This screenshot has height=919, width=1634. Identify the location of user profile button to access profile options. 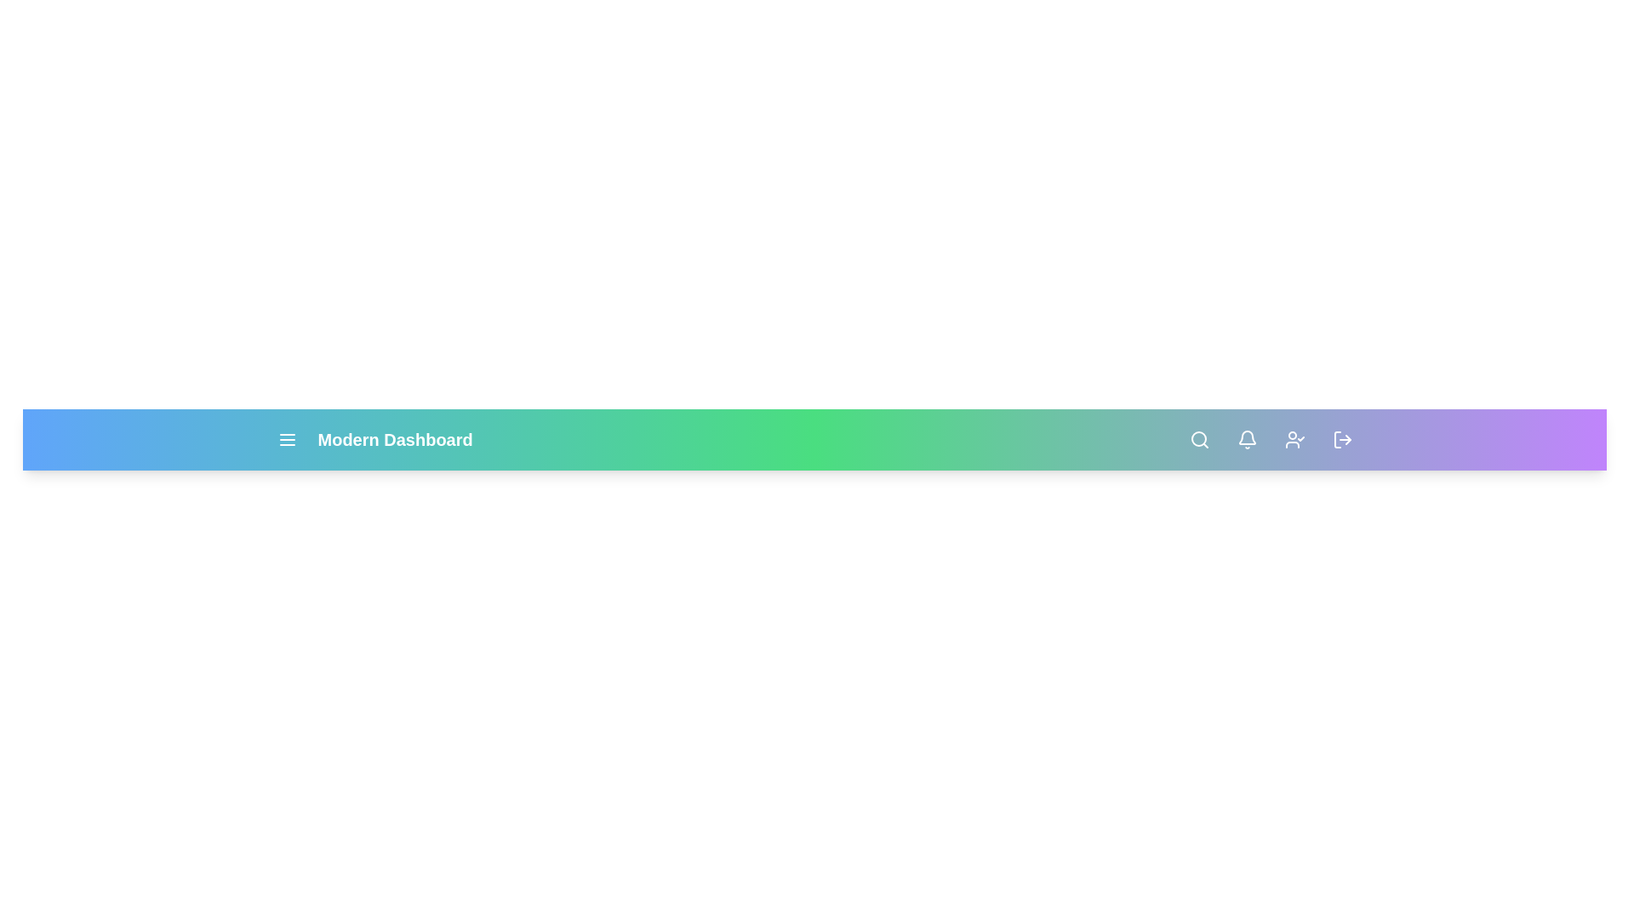
(1294, 438).